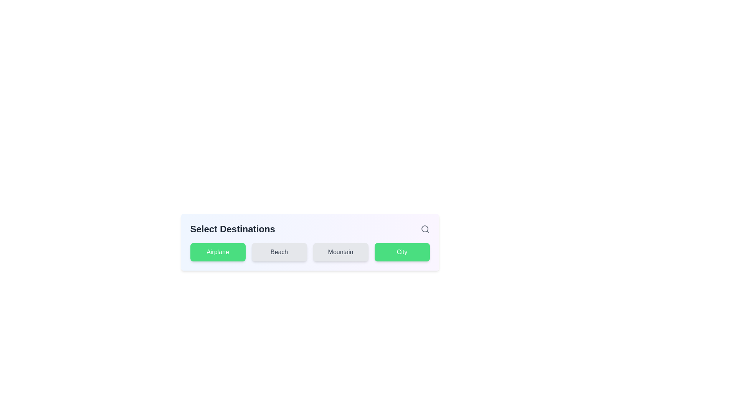 This screenshot has width=737, height=414. Describe the element at coordinates (402, 252) in the screenshot. I see `the item City` at that location.